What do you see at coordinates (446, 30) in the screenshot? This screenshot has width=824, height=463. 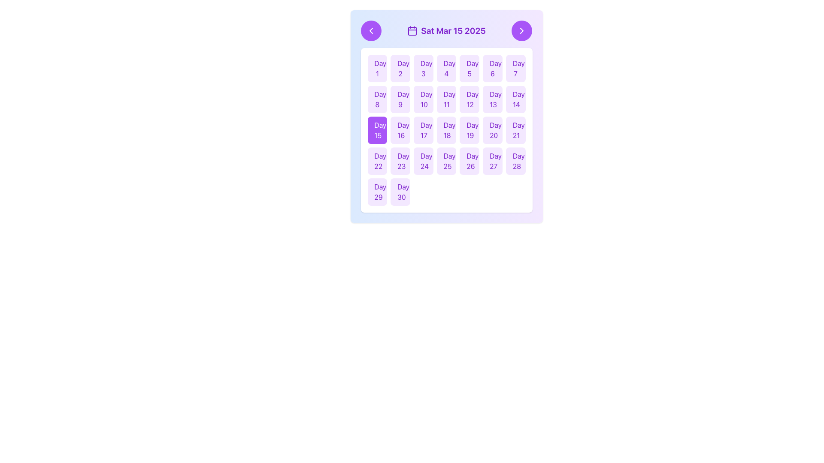 I see `the Text Label displaying 'Sat Mar 15 2025' with a calendar icon, which is located at the top section of the calendar interface` at bounding box center [446, 30].